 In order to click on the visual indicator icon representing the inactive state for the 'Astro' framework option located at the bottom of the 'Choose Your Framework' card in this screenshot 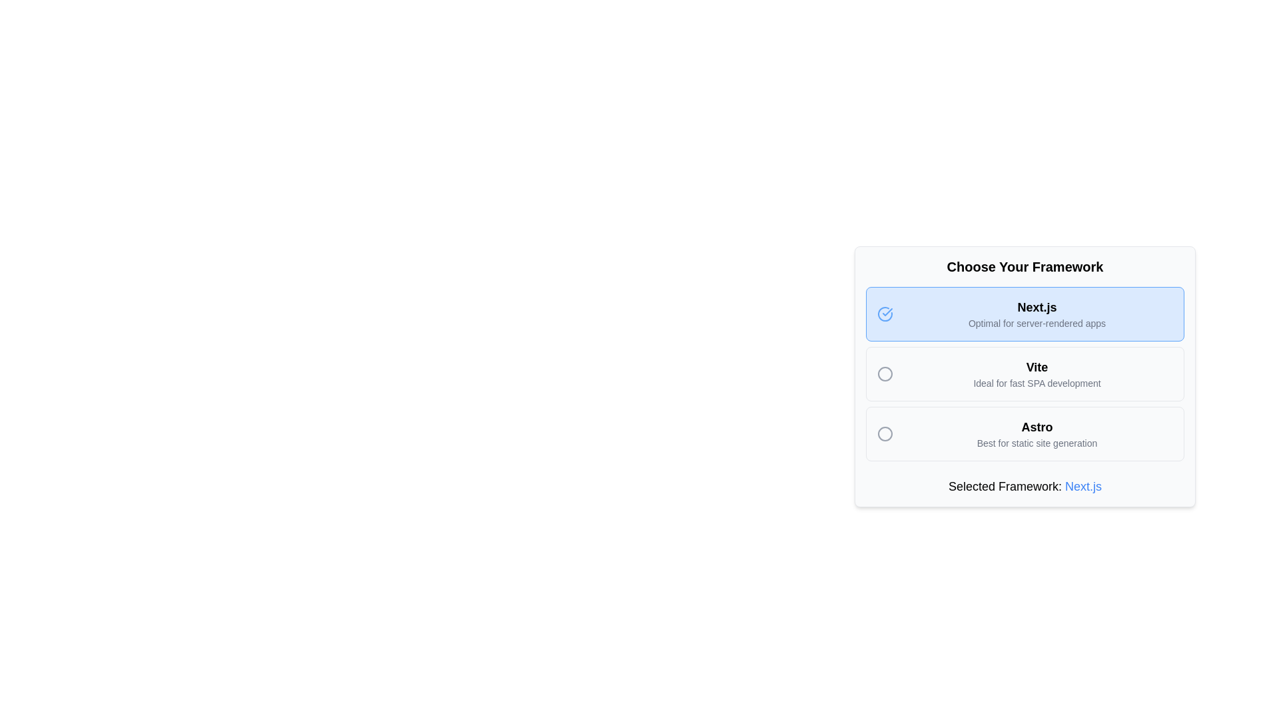, I will do `click(885, 433)`.